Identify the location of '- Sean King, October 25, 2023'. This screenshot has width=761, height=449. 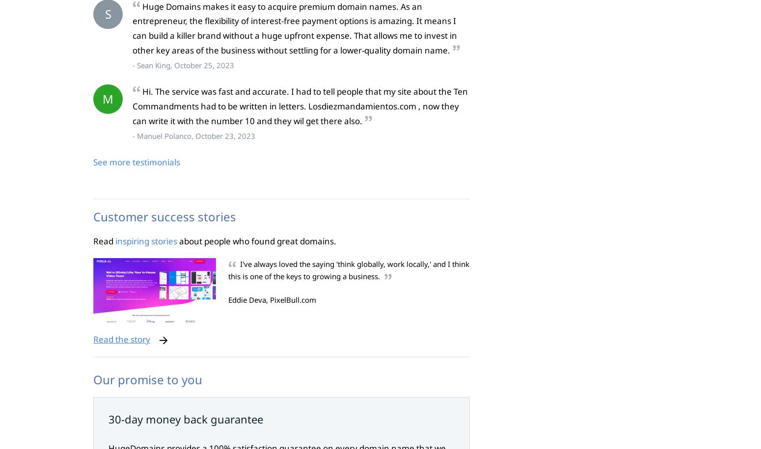
(183, 65).